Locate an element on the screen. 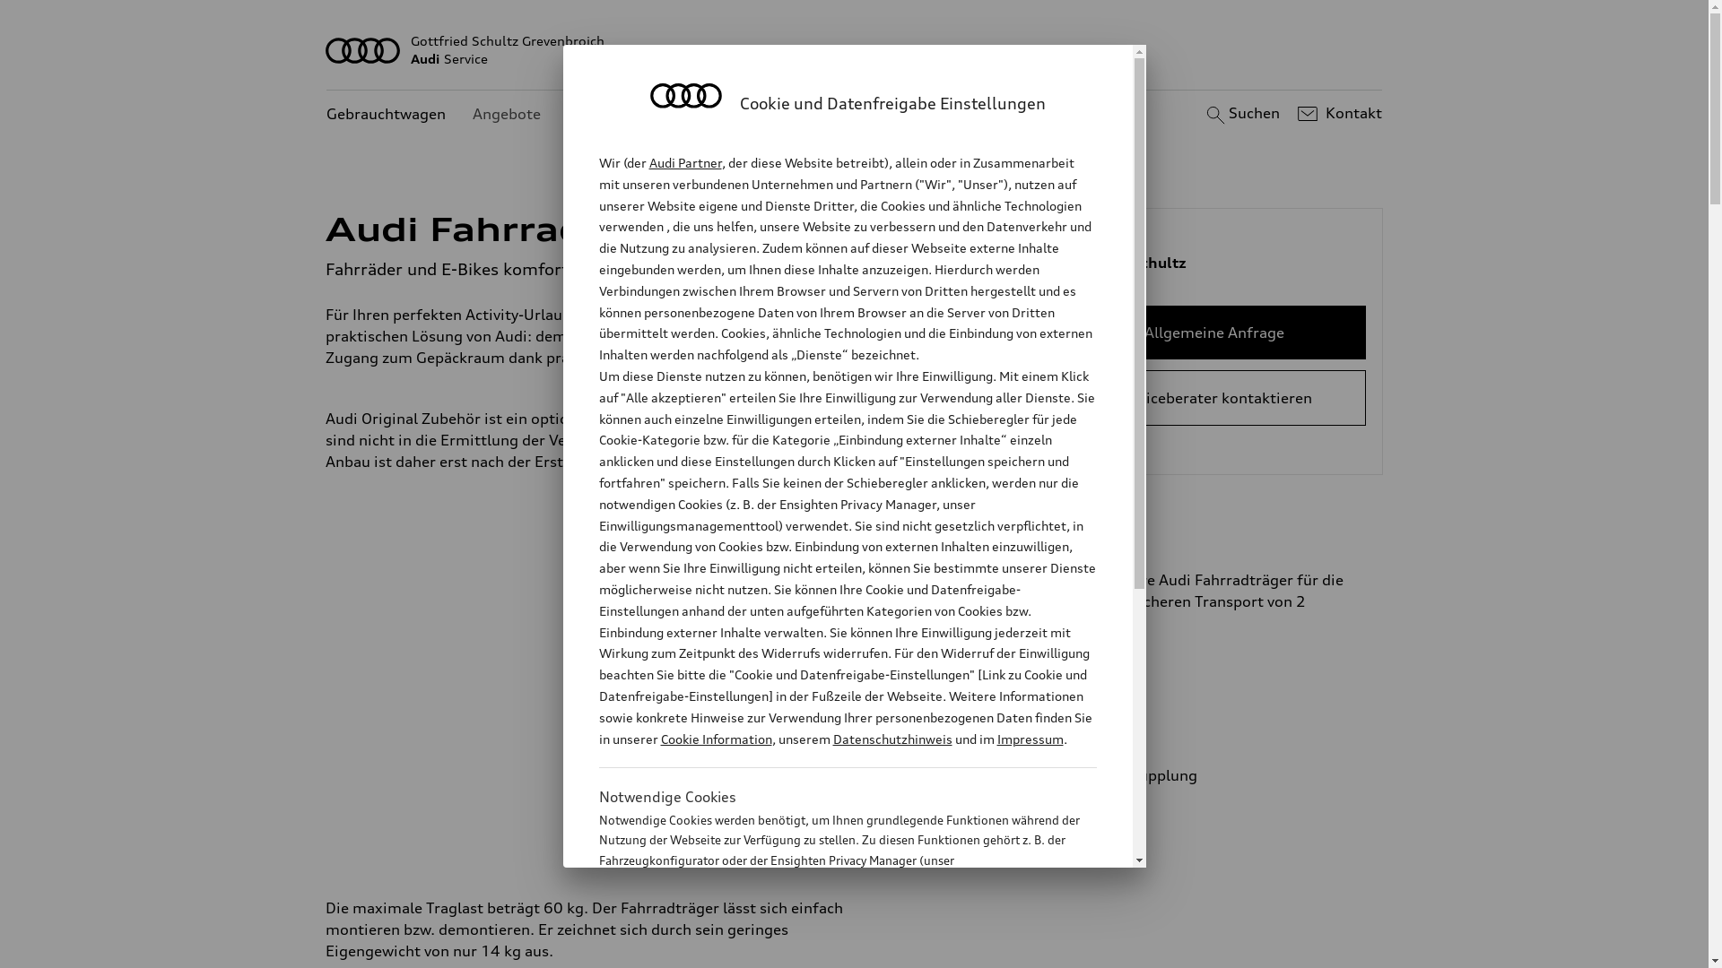 Image resolution: width=1722 pixels, height=968 pixels. 'Angebote' is located at coordinates (506, 114).